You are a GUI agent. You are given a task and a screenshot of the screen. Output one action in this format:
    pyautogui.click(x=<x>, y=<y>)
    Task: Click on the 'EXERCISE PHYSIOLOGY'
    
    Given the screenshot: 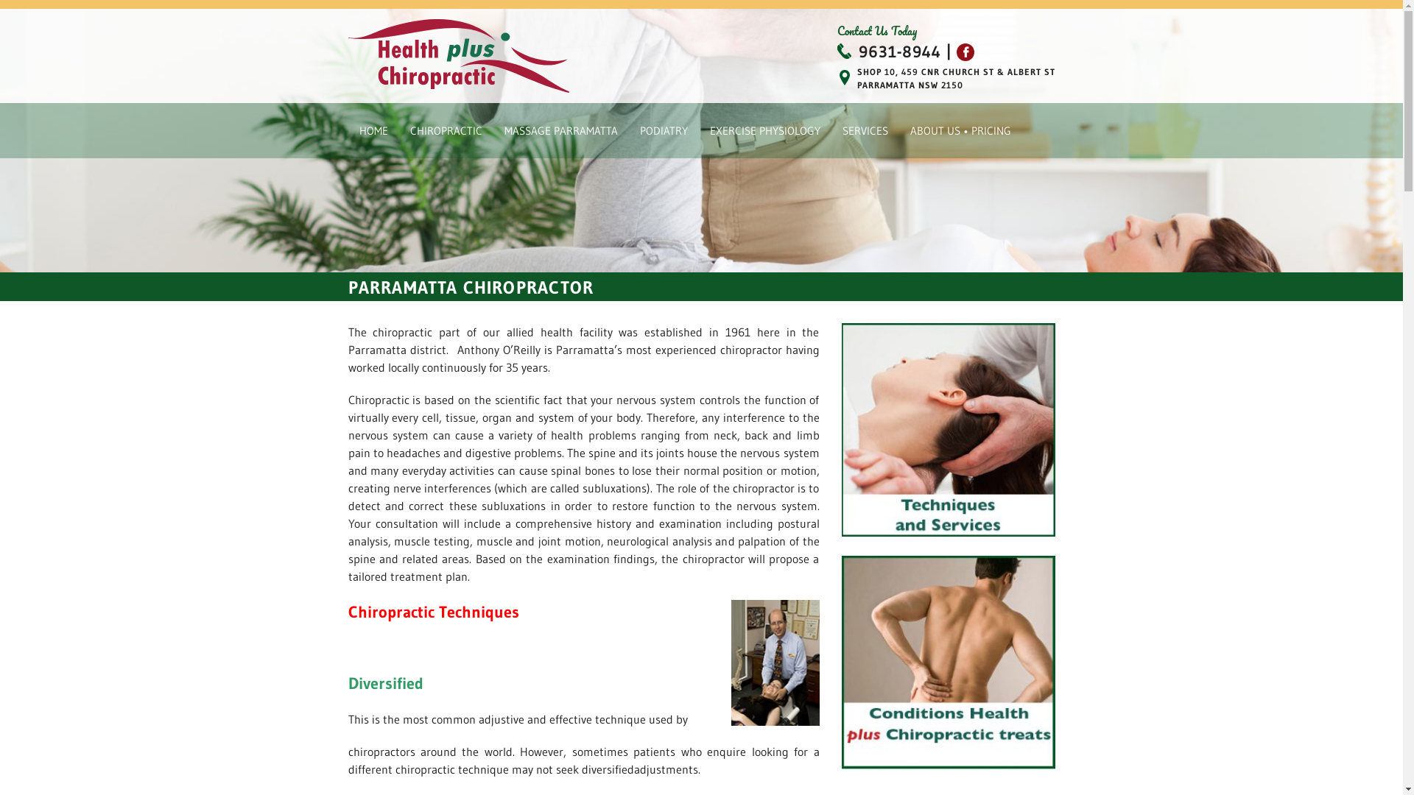 What is the action you would take?
    pyautogui.click(x=764, y=130)
    